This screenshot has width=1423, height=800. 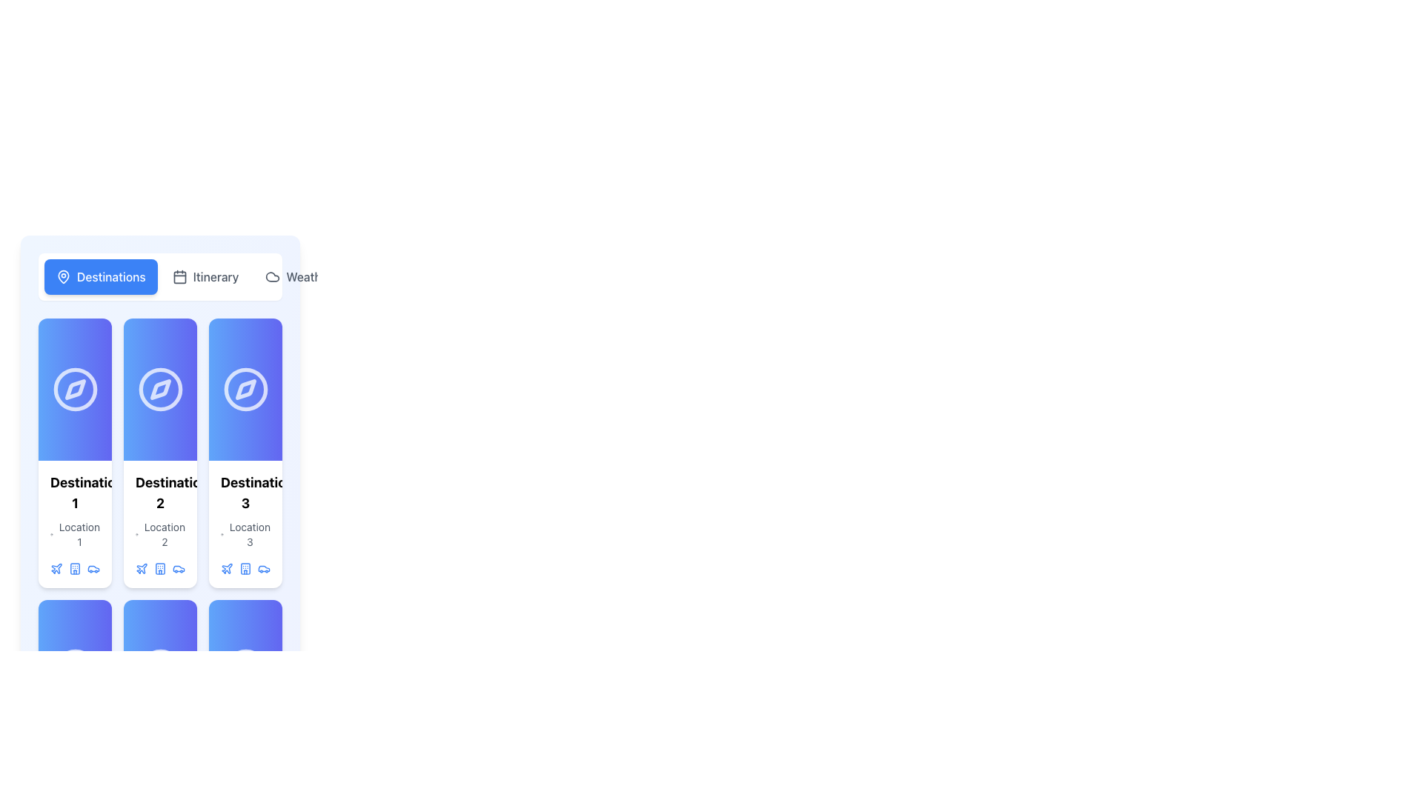 I want to click on the Text label that serves as a descriptor for the associated card content representing a specific destination, located in the second card below the 'Destinations' tab and directly above 'Location 2', so click(x=160, y=493).